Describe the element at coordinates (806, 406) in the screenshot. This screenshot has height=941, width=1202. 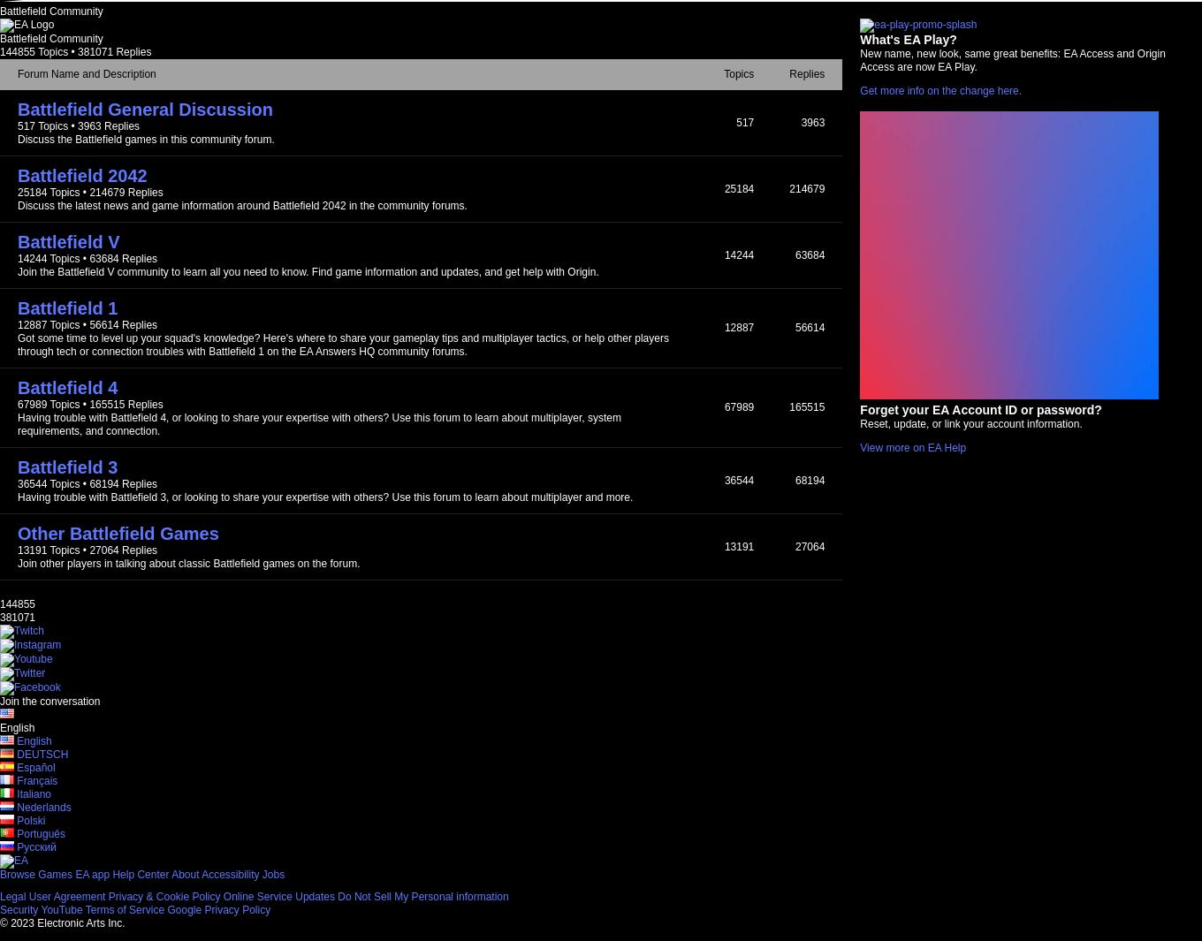
I see `'165515'` at that location.